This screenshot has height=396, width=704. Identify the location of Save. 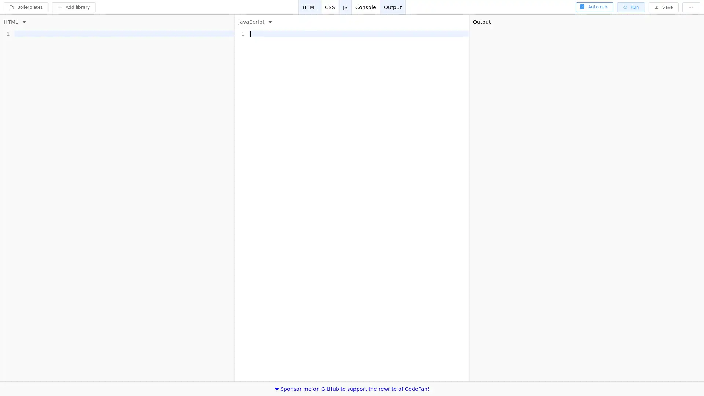
(663, 7).